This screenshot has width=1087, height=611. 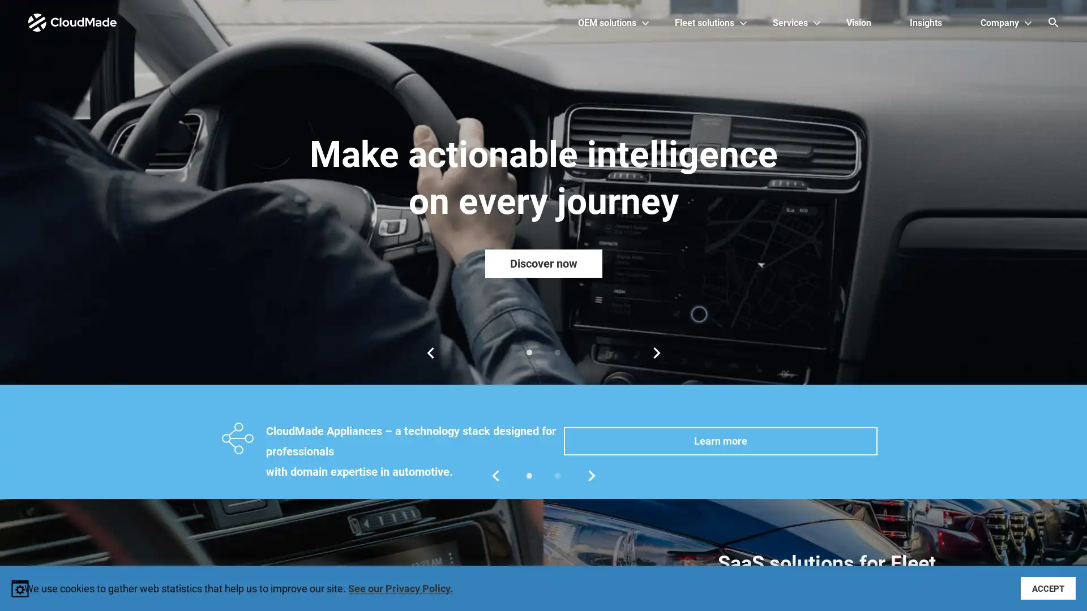 What do you see at coordinates (657, 352) in the screenshot?
I see `Next` at bounding box center [657, 352].